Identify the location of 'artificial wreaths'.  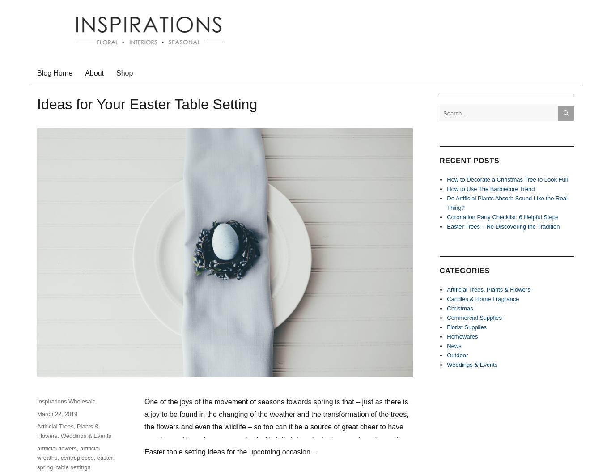
(68, 452).